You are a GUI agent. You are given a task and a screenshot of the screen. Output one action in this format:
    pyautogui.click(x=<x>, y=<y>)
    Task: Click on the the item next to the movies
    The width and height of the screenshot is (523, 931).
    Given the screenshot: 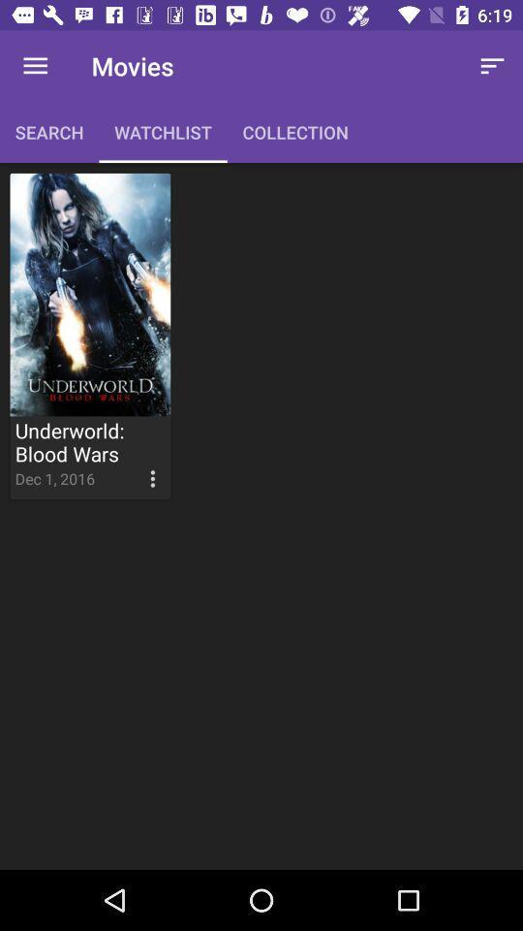 What is the action you would take?
    pyautogui.click(x=35, y=66)
    